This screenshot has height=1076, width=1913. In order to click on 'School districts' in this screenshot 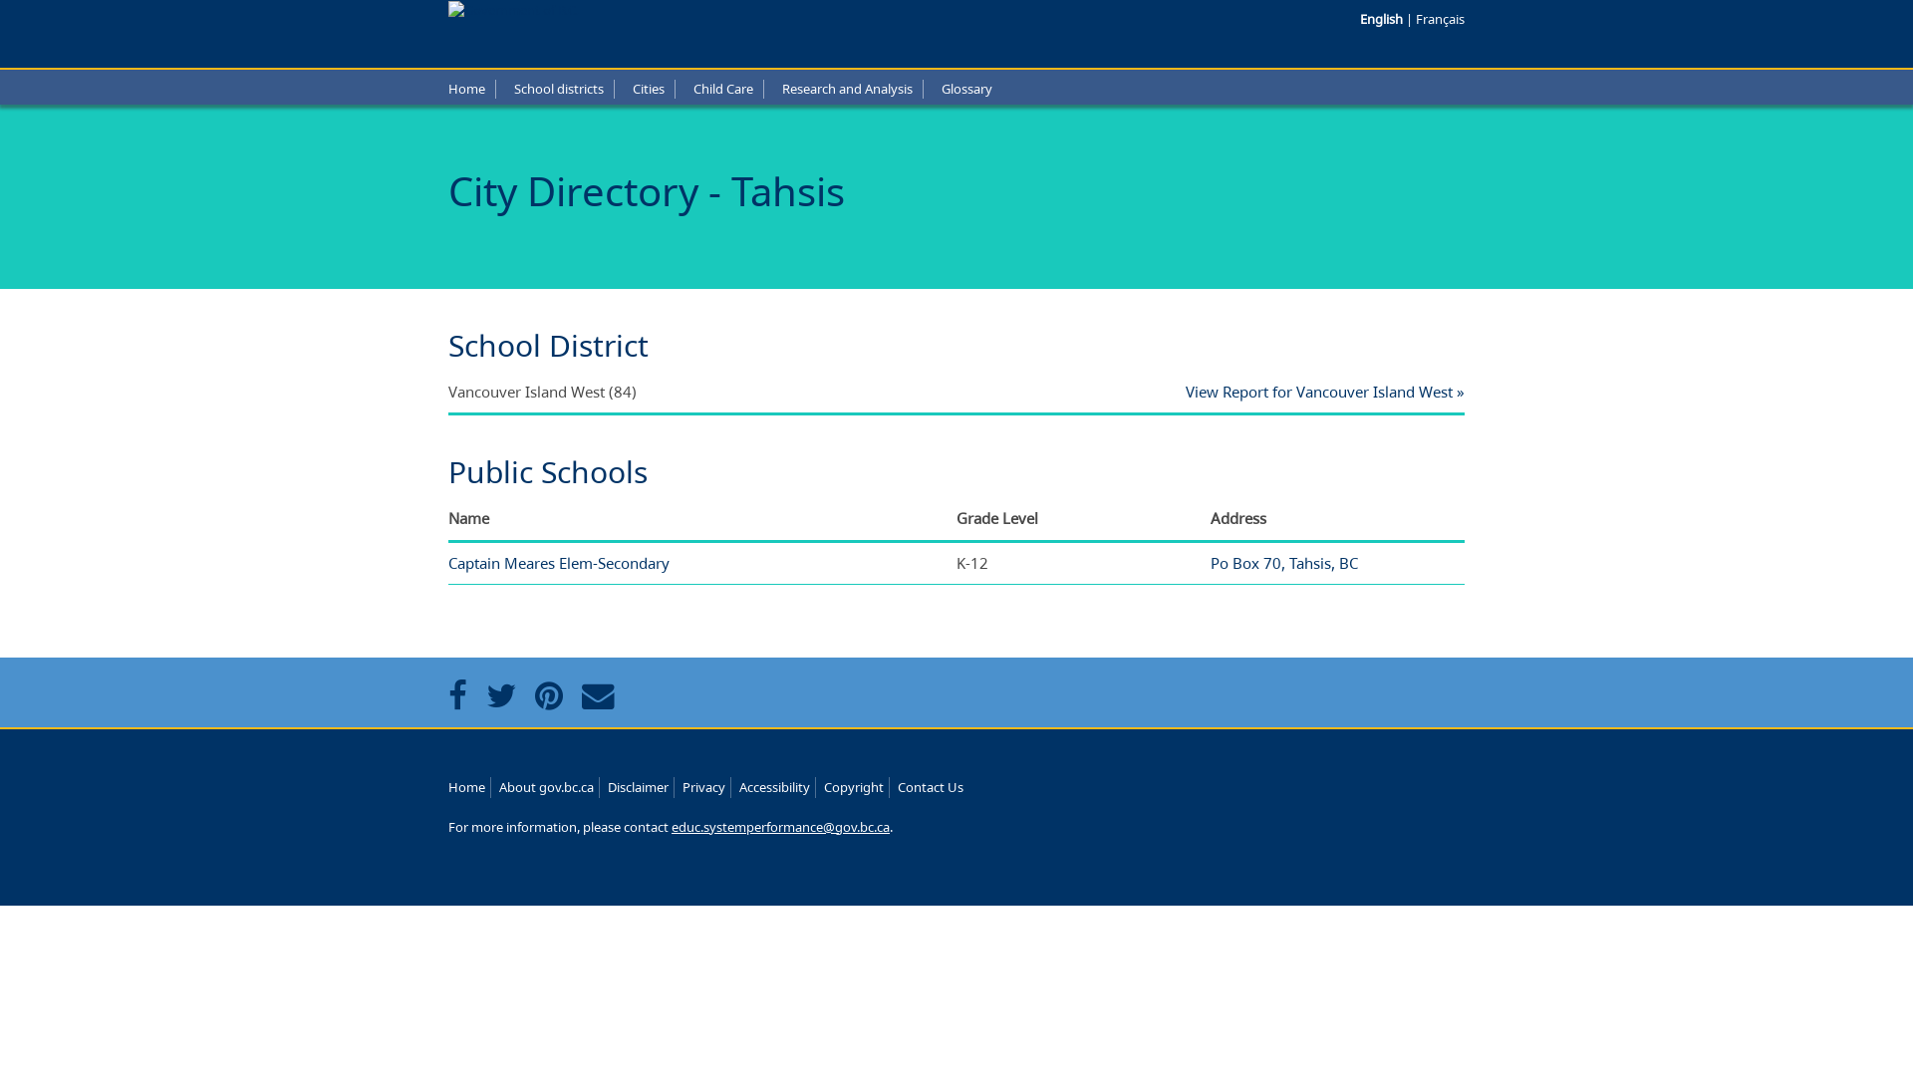, I will do `click(513, 87)`.